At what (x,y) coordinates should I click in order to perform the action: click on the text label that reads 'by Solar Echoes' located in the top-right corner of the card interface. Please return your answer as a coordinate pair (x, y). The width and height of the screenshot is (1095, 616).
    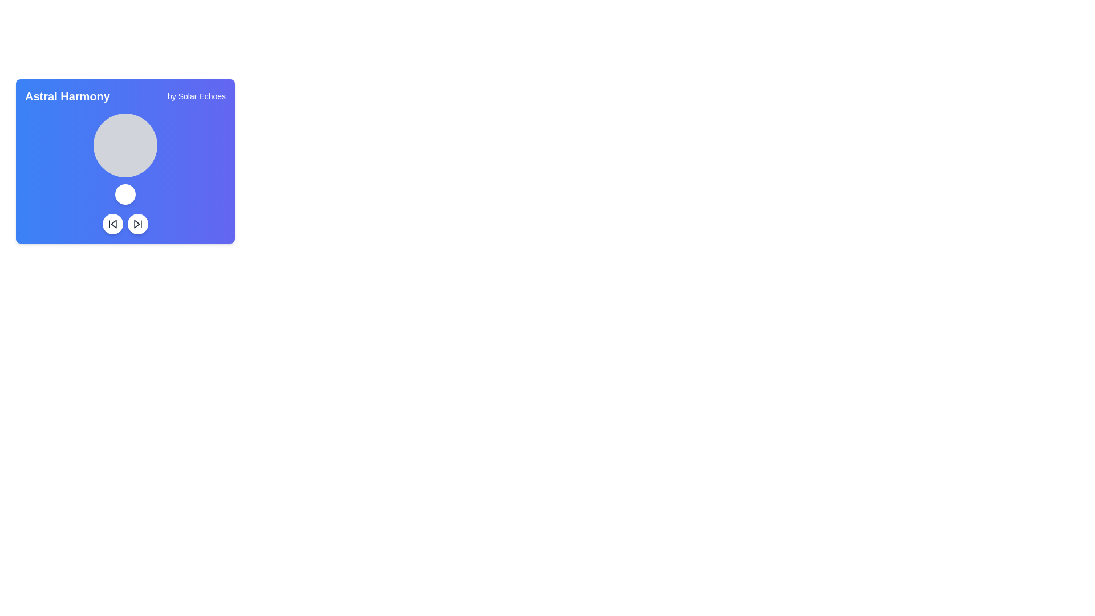
    Looking at the image, I should click on (197, 96).